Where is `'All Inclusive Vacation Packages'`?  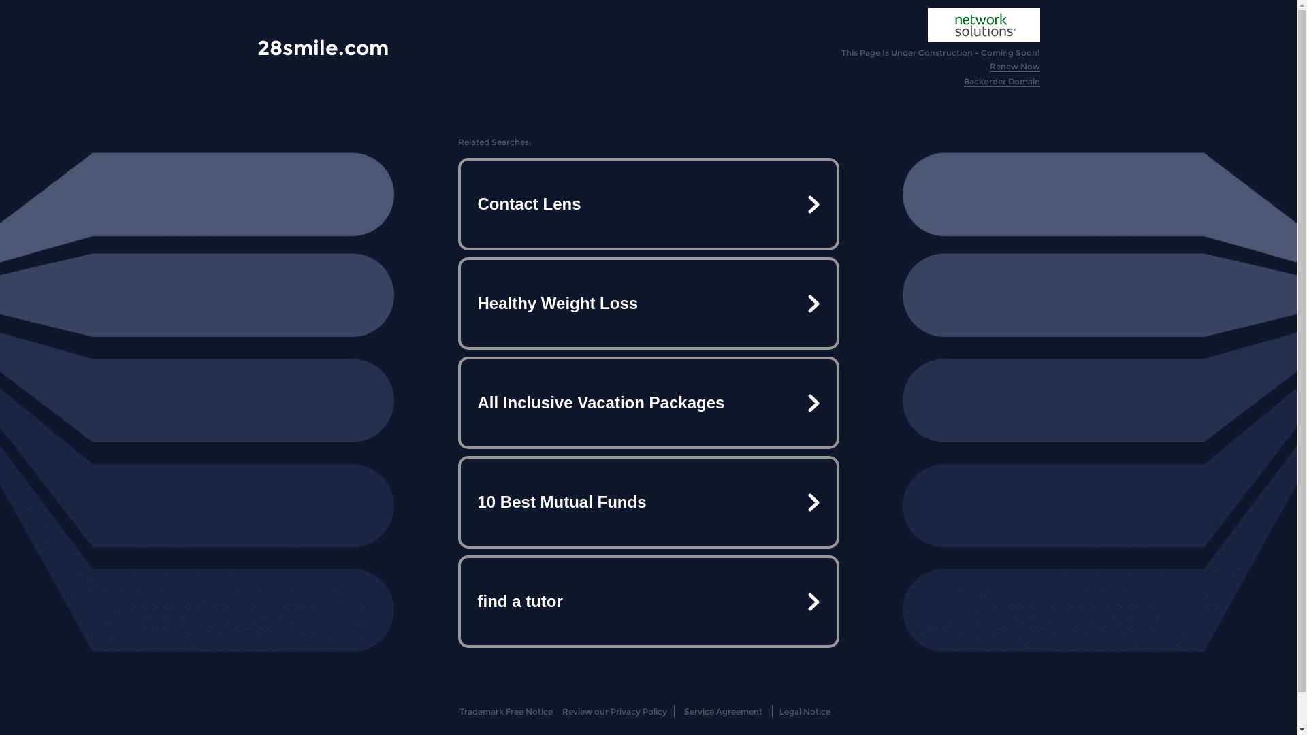 'All Inclusive Vacation Packages' is located at coordinates (647, 402).